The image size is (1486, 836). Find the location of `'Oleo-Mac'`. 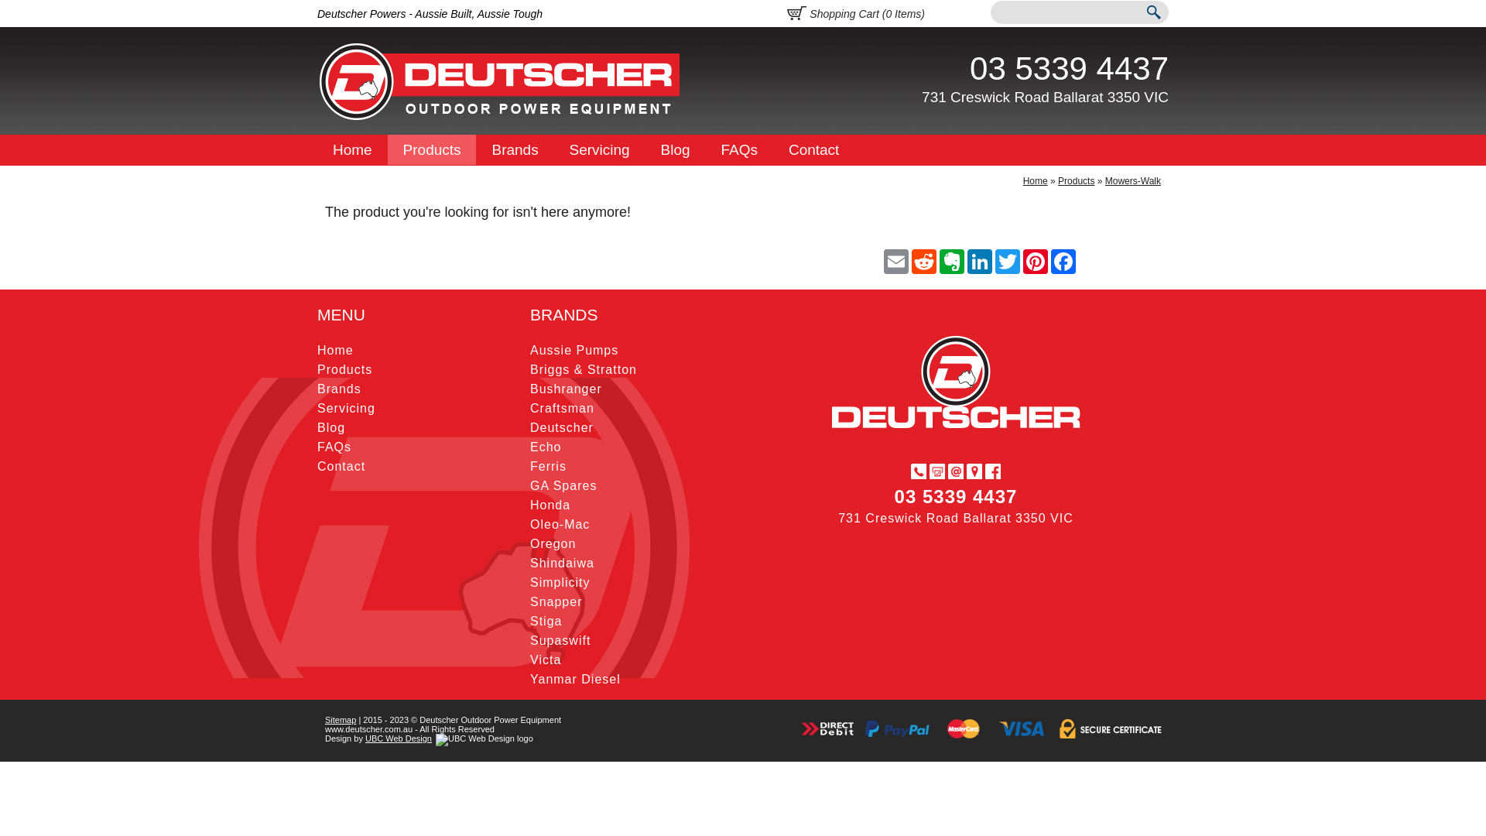

'Oleo-Mac' is located at coordinates (530, 523).